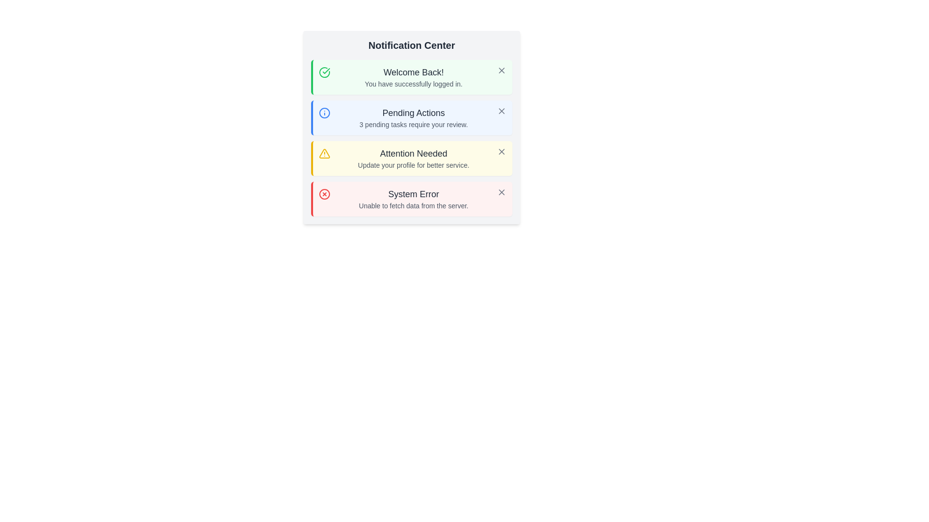 The image size is (929, 522). Describe the element at coordinates (325, 72) in the screenshot. I see `the success confirmation icon located at the top left corner of the 'Welcome Back!' notification box for information` at that location.